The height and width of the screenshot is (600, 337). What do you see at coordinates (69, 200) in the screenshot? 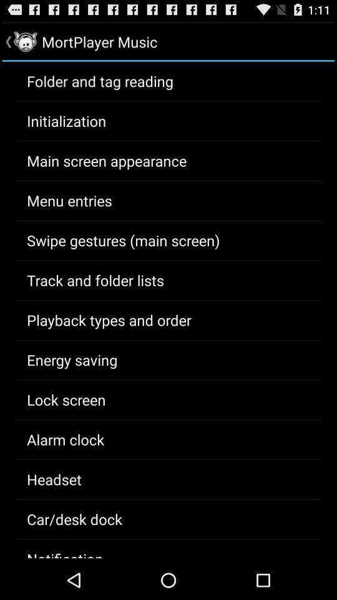
I see `the icon below the main screen appearance` at bounding box center [69, 200].